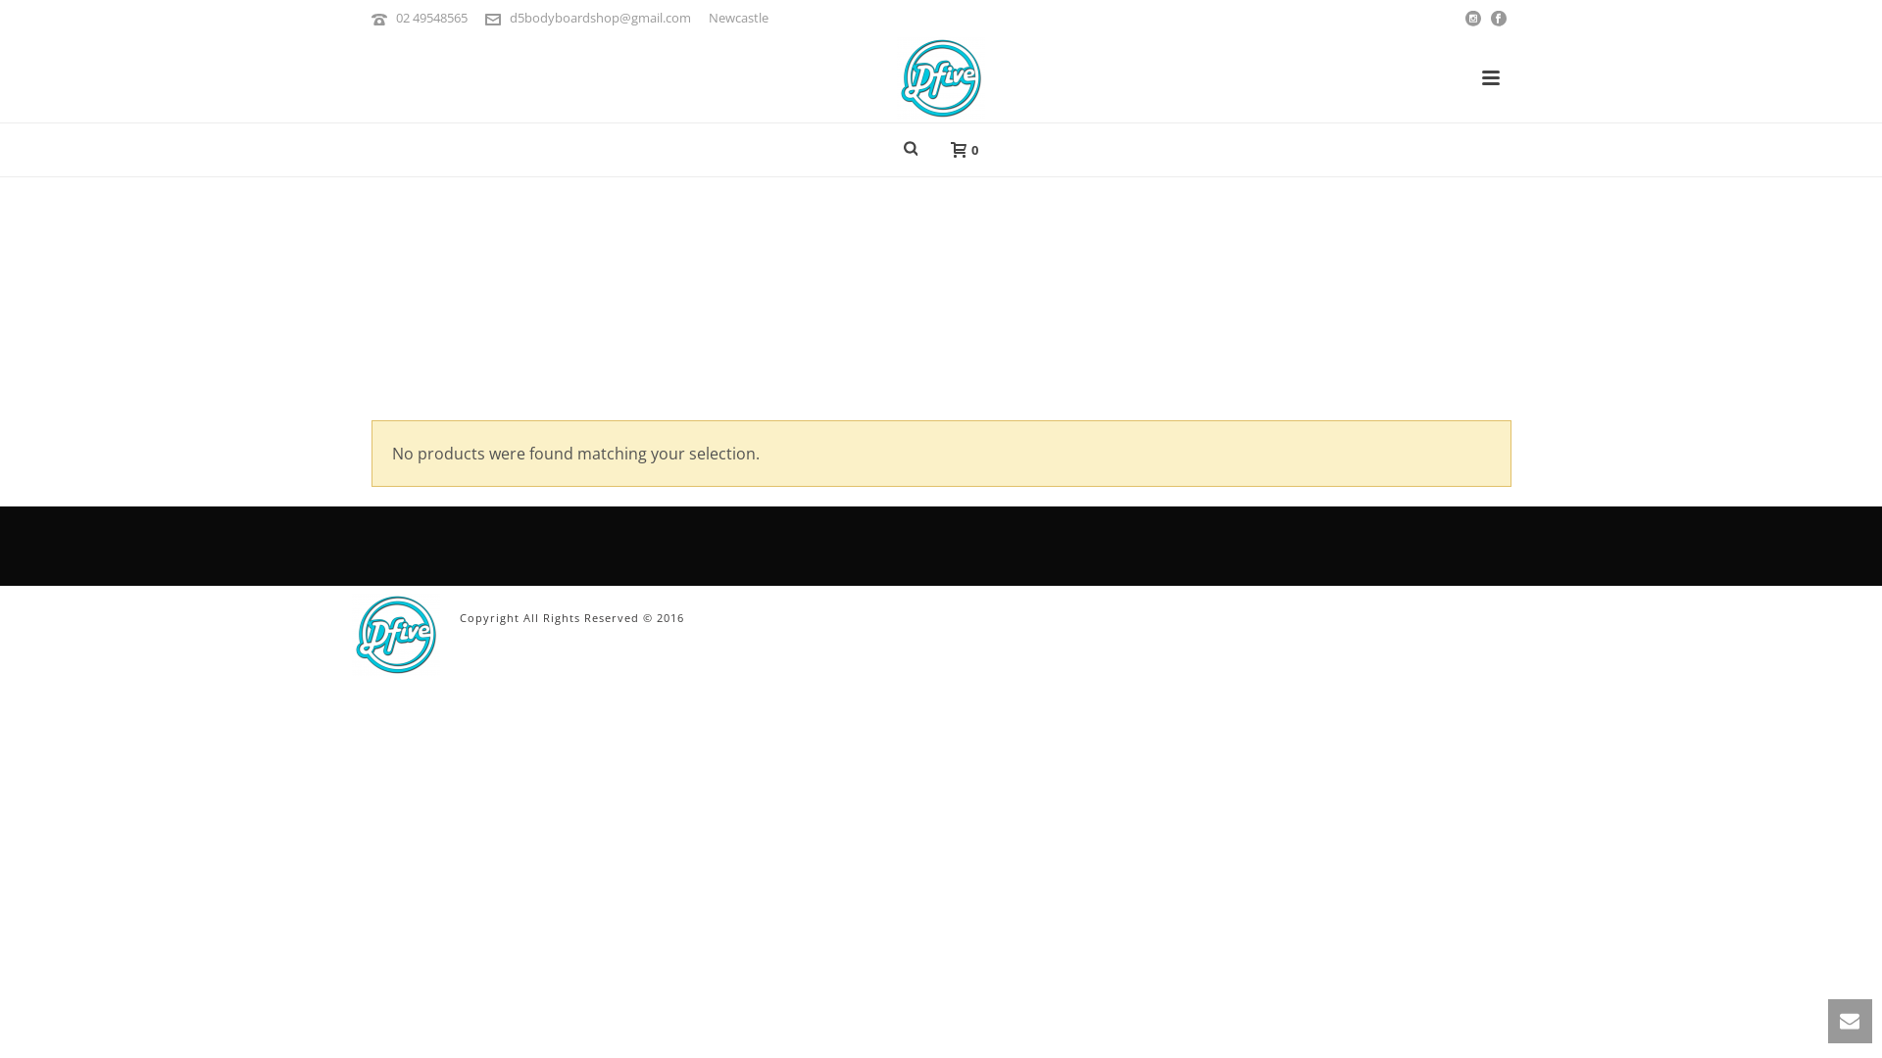 The height and width of the screenshot is (1058, 1882). Describe the element at coordinates (430, 18) in the screenshot. I see `'02 49548565'` at that location.